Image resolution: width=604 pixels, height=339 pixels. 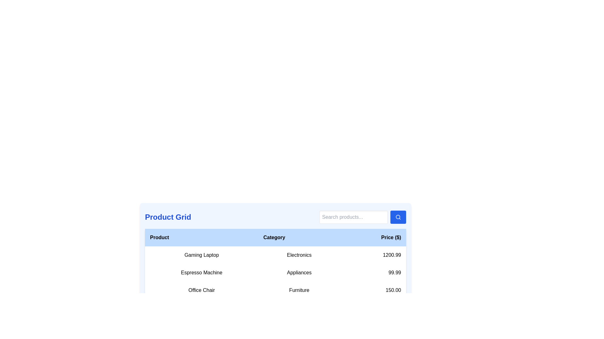 What do you see at coordinates (353, 217) in the screenshot?
I see `the search bar` at bounding box center [353, 217].